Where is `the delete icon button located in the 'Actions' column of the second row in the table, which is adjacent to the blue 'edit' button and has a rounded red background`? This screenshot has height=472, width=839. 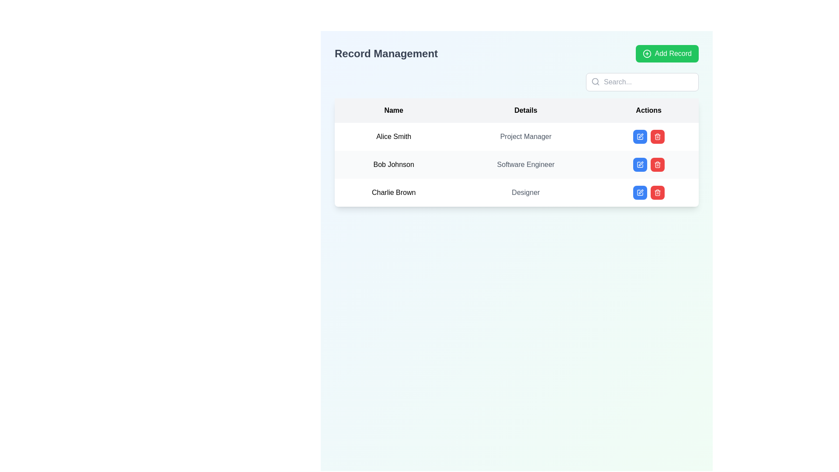 the delete icon button located in the 'Actions' column of the second row in the table, which is adjacent to the blue 'edit' button and has a rounded red background is located at coordinates (657, 165).